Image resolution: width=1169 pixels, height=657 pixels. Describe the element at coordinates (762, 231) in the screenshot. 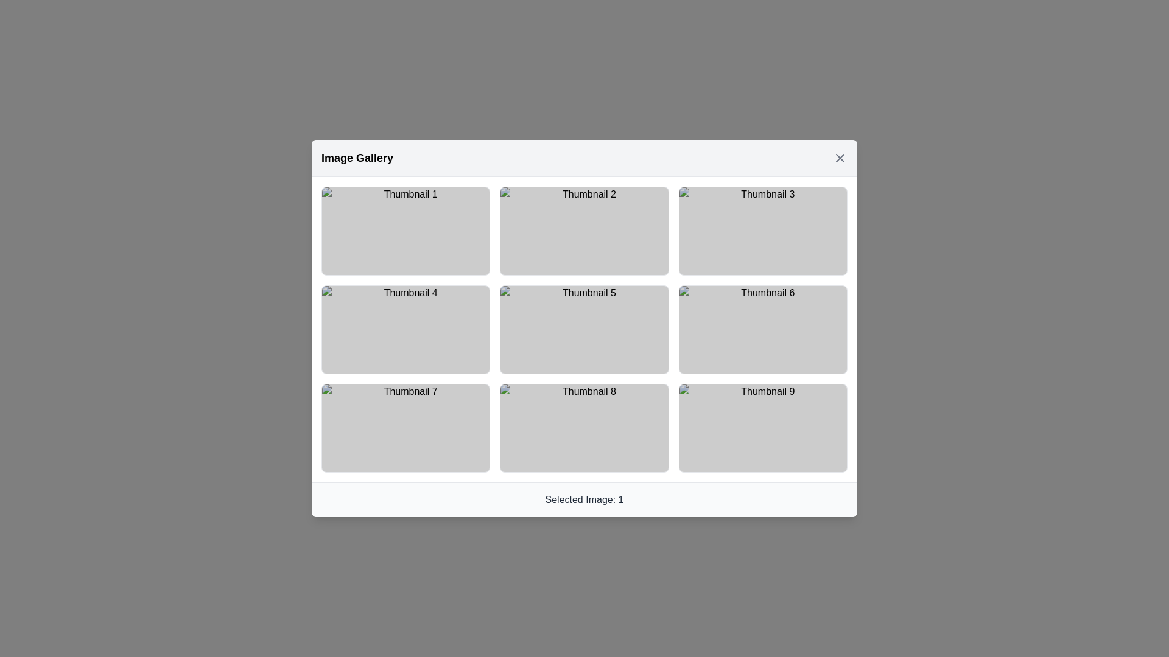

I see `the rectangular thumbnail with a light gray background located in the first row, third column of the 3x3 grid layout` at that location.